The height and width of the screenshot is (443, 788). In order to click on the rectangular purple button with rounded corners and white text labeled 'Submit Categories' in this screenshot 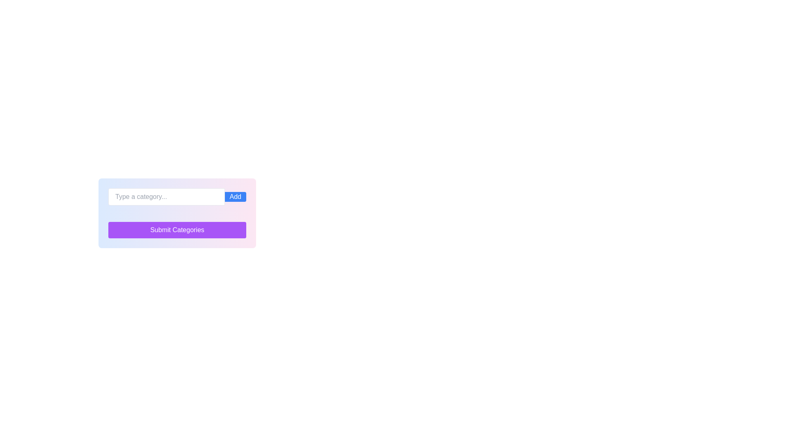, I will do `click(177, 230)`.